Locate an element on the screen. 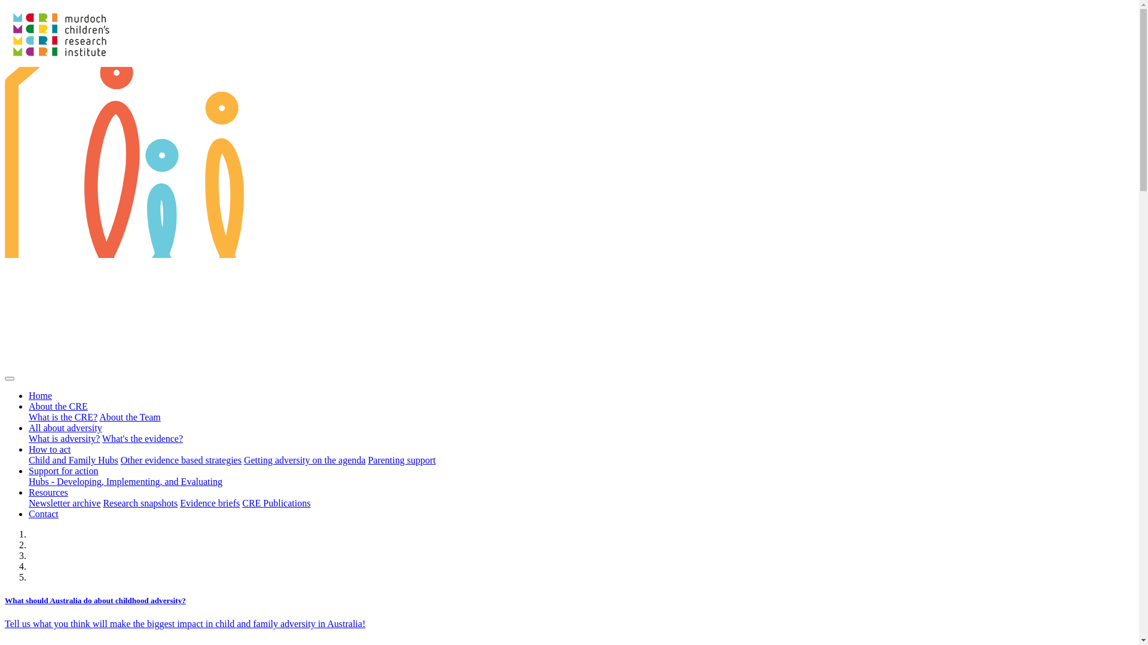 This screenshot has height=645, width=1148. 'Evidence briefs' is located at coordinates (209, 503).